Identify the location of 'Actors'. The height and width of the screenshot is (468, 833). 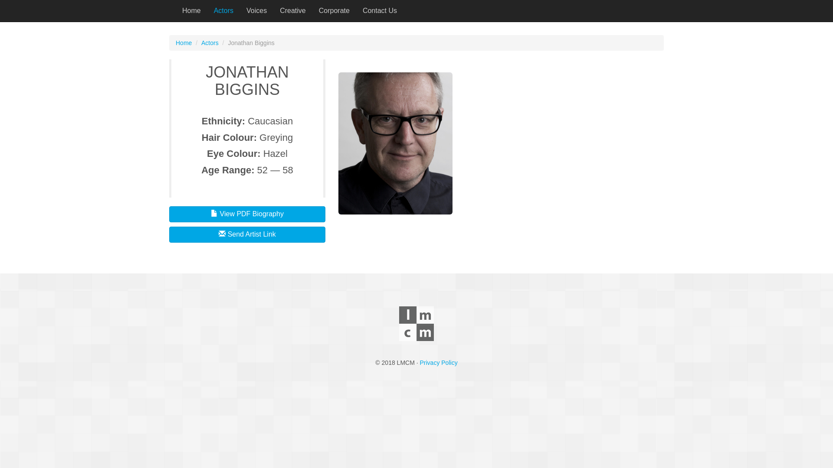
(223, 10).